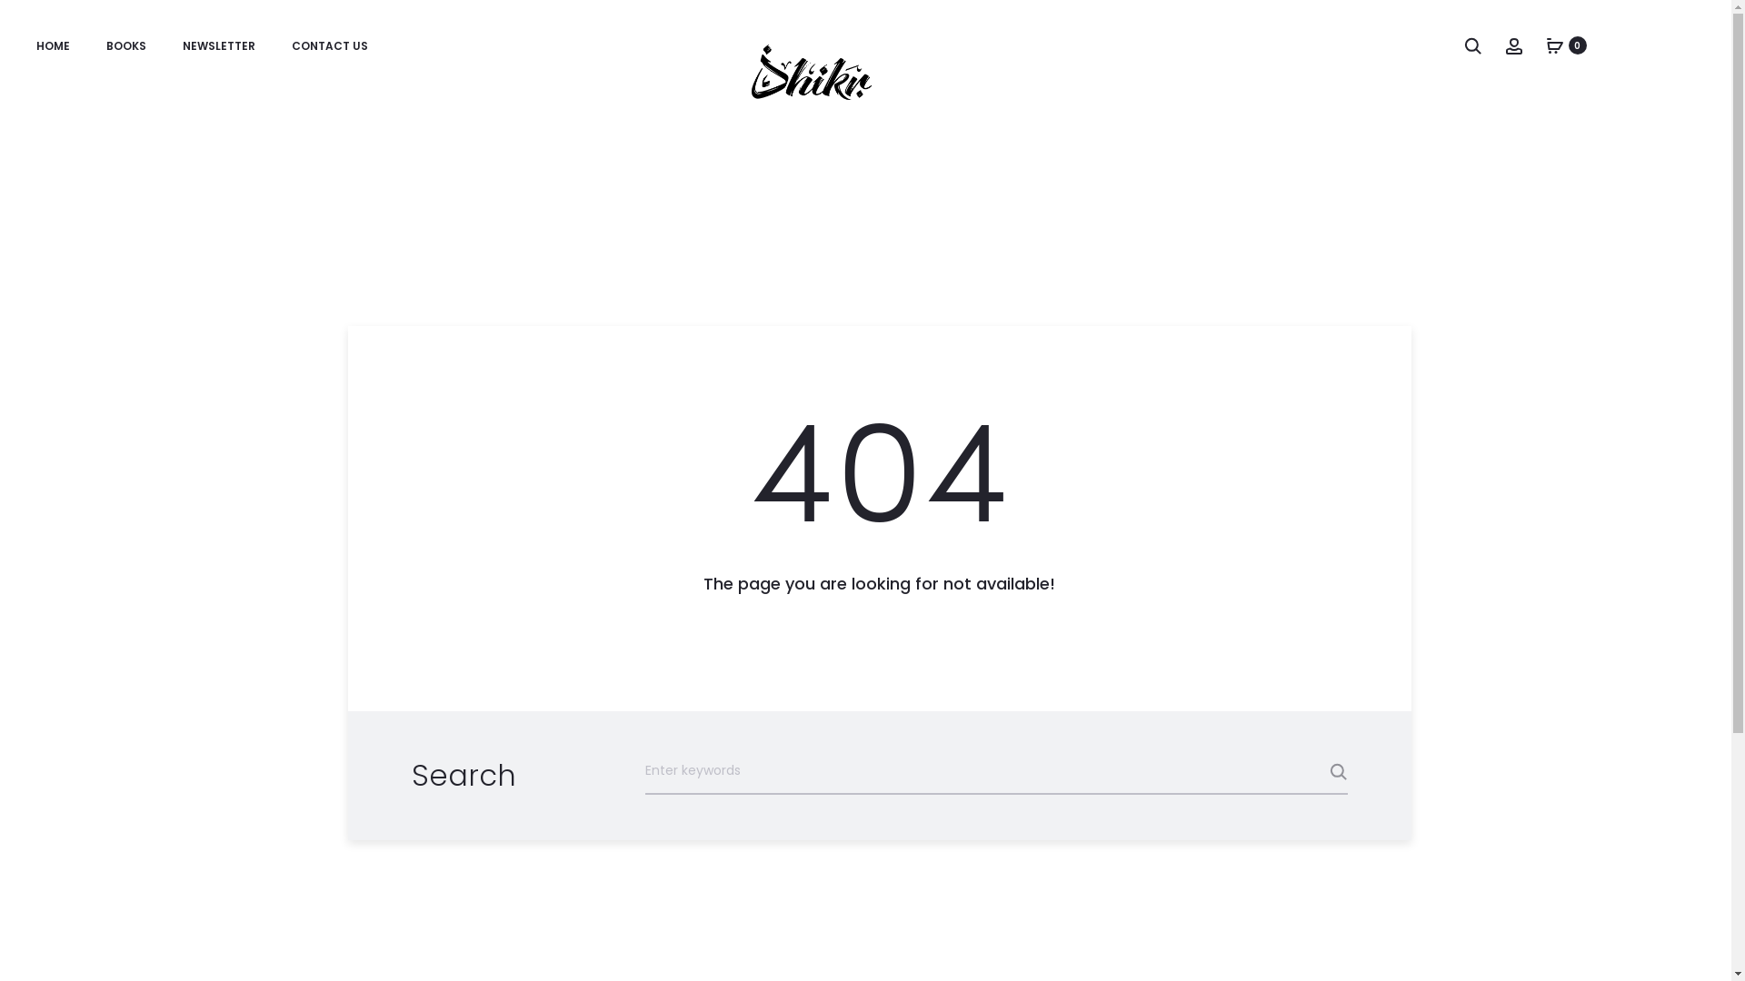 This screenshot has width=1745, height=981. What do you see at coordinates (1300, 771) in the screenshot?
I see `'Search'` at bounding box center [1300, 771].